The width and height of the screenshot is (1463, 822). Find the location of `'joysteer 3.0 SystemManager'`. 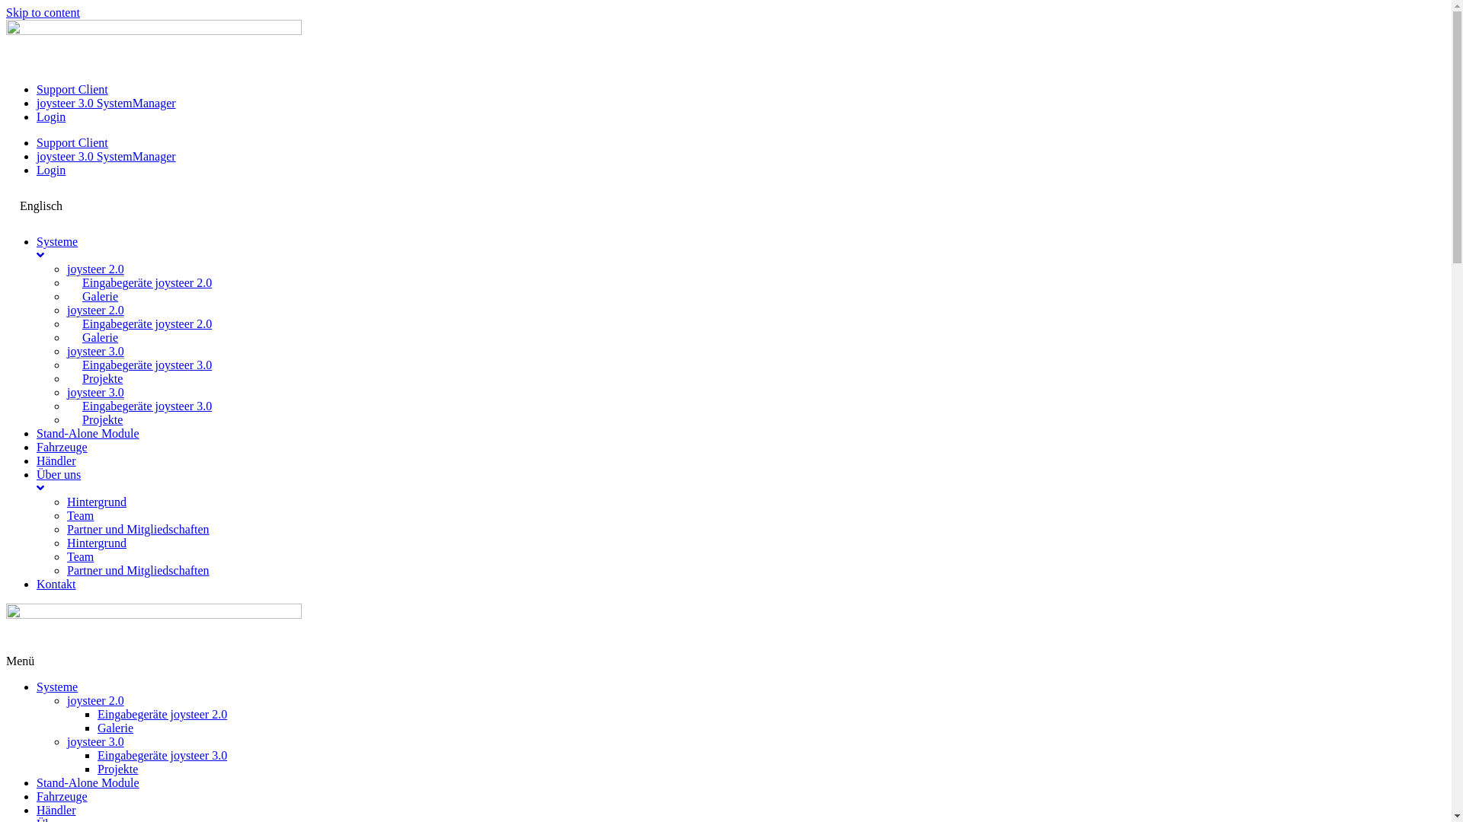

'joysteer 3.0 SystemManager' is located at coordinates (105, 103).